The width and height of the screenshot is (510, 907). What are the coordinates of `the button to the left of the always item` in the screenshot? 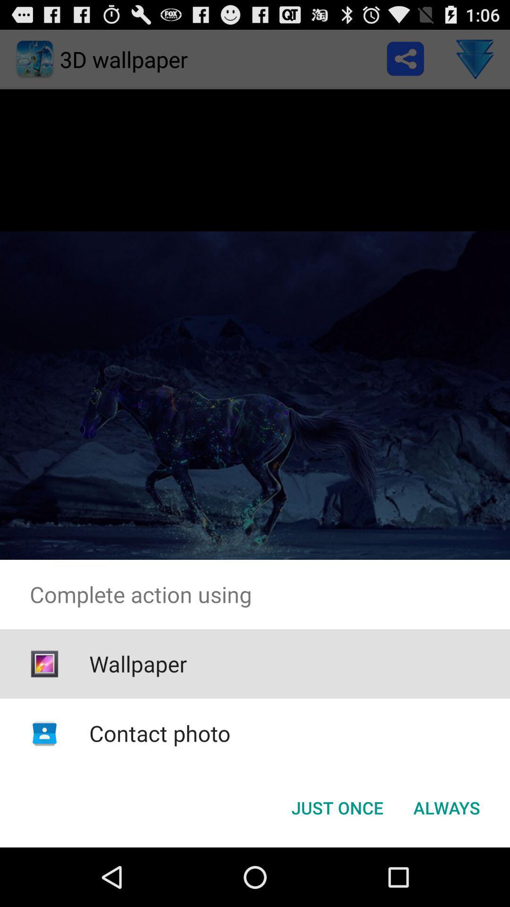 It's located at (337, 807).